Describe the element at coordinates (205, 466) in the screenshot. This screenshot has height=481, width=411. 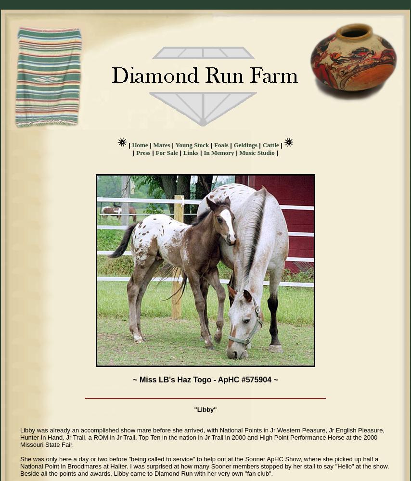
I see `'She was only here a day or two before "being called to service" to help out at the Sooner 
ApHC Show, where she picked up half a National Point in Broodmares at Halter. I was 
surprised at how many Sooner members stopped by her stall to say "Hello" at the show. 
Beside all the points and awards, Libby came to Diamond Run with her very own "fan club".'` at that location.